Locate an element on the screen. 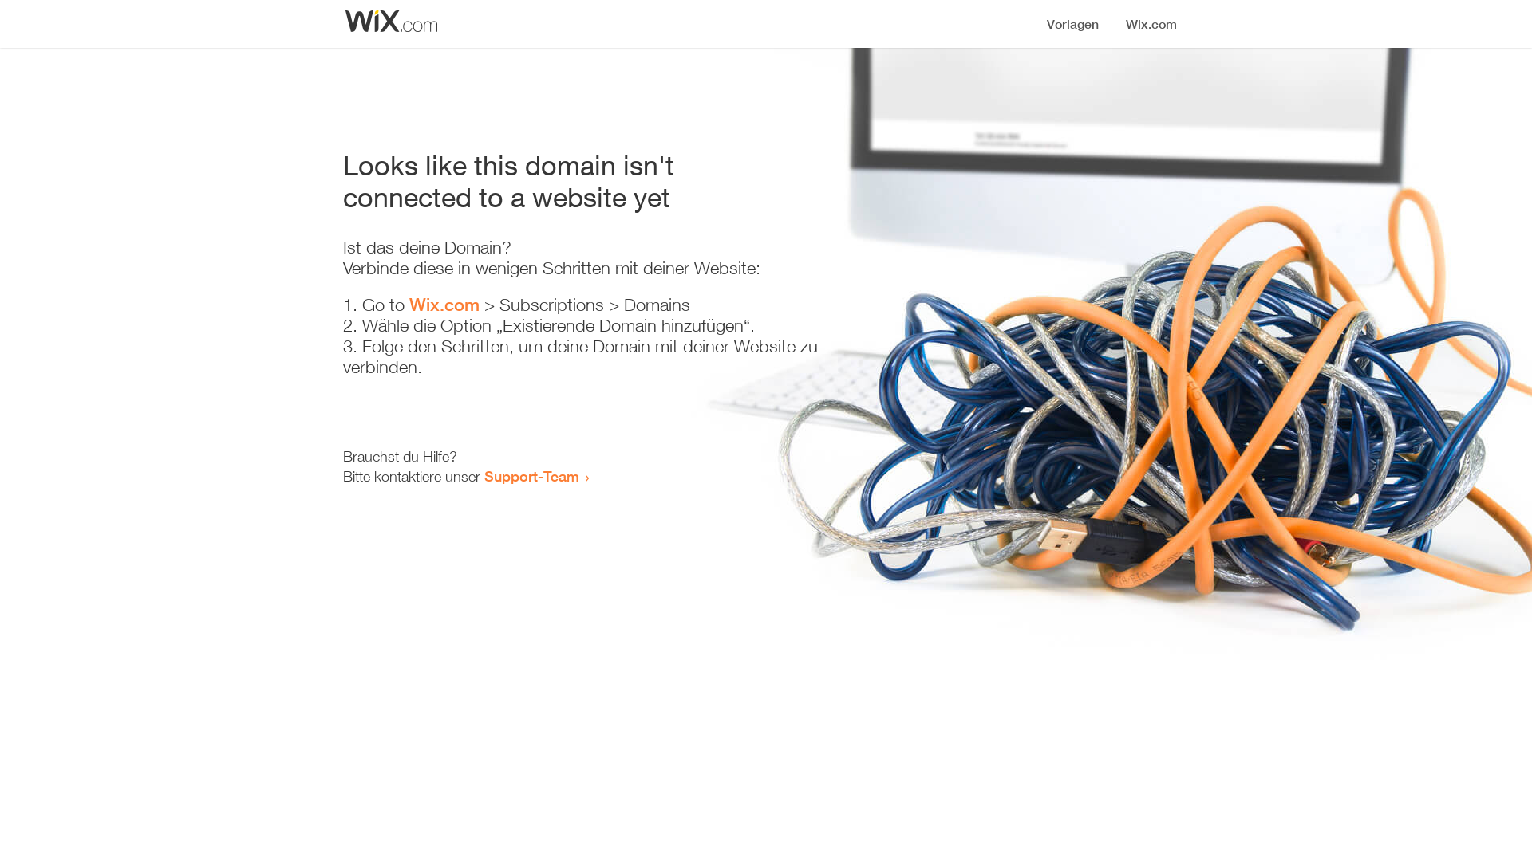  'Wix.com' is located at coordinates (444, 304).